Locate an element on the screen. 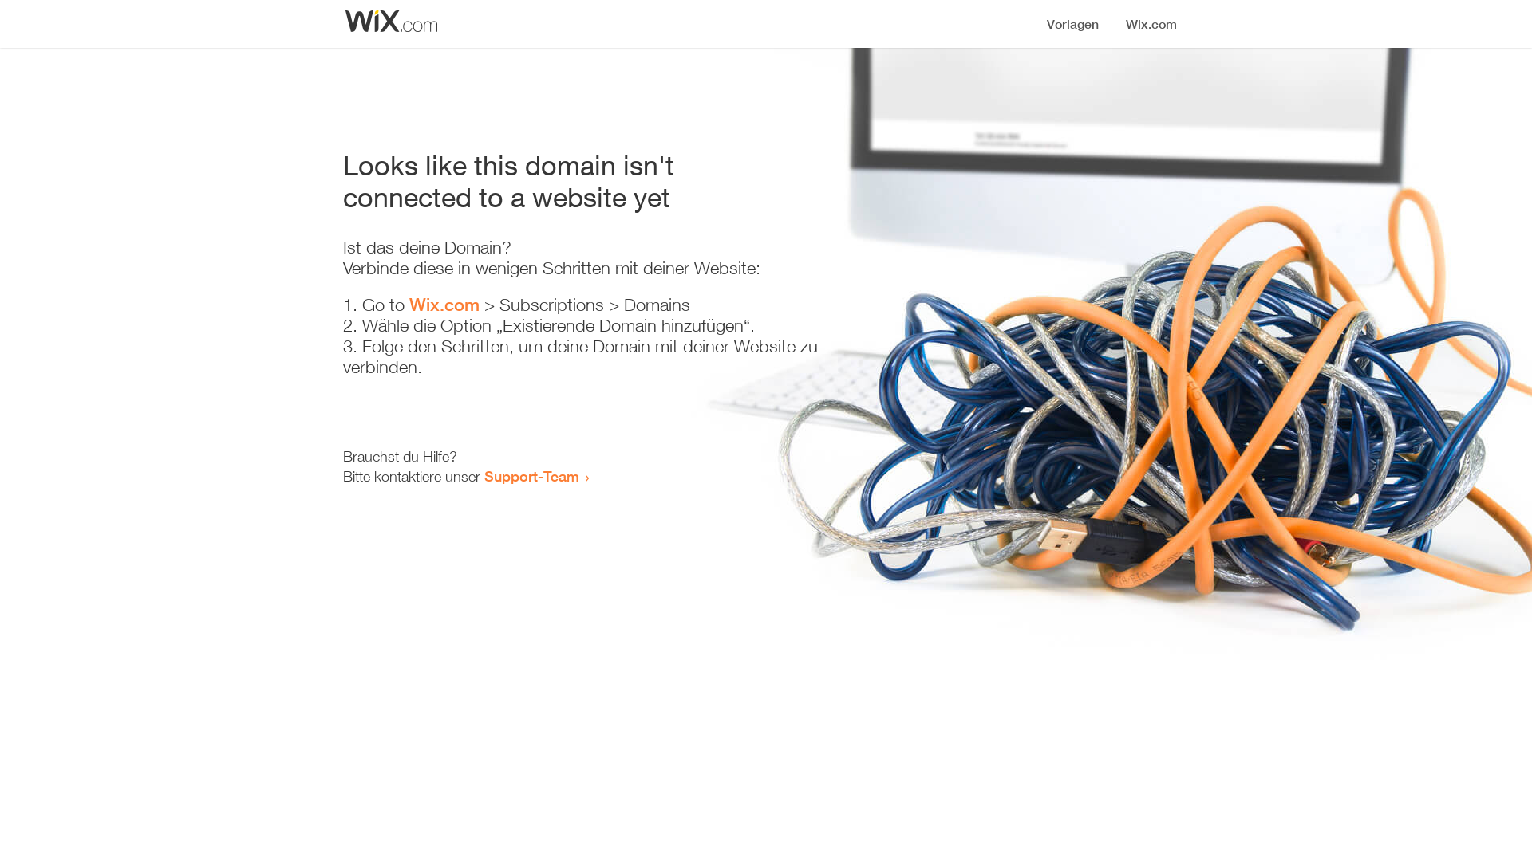  'Wix.com' is located at coordinates (444, 304).